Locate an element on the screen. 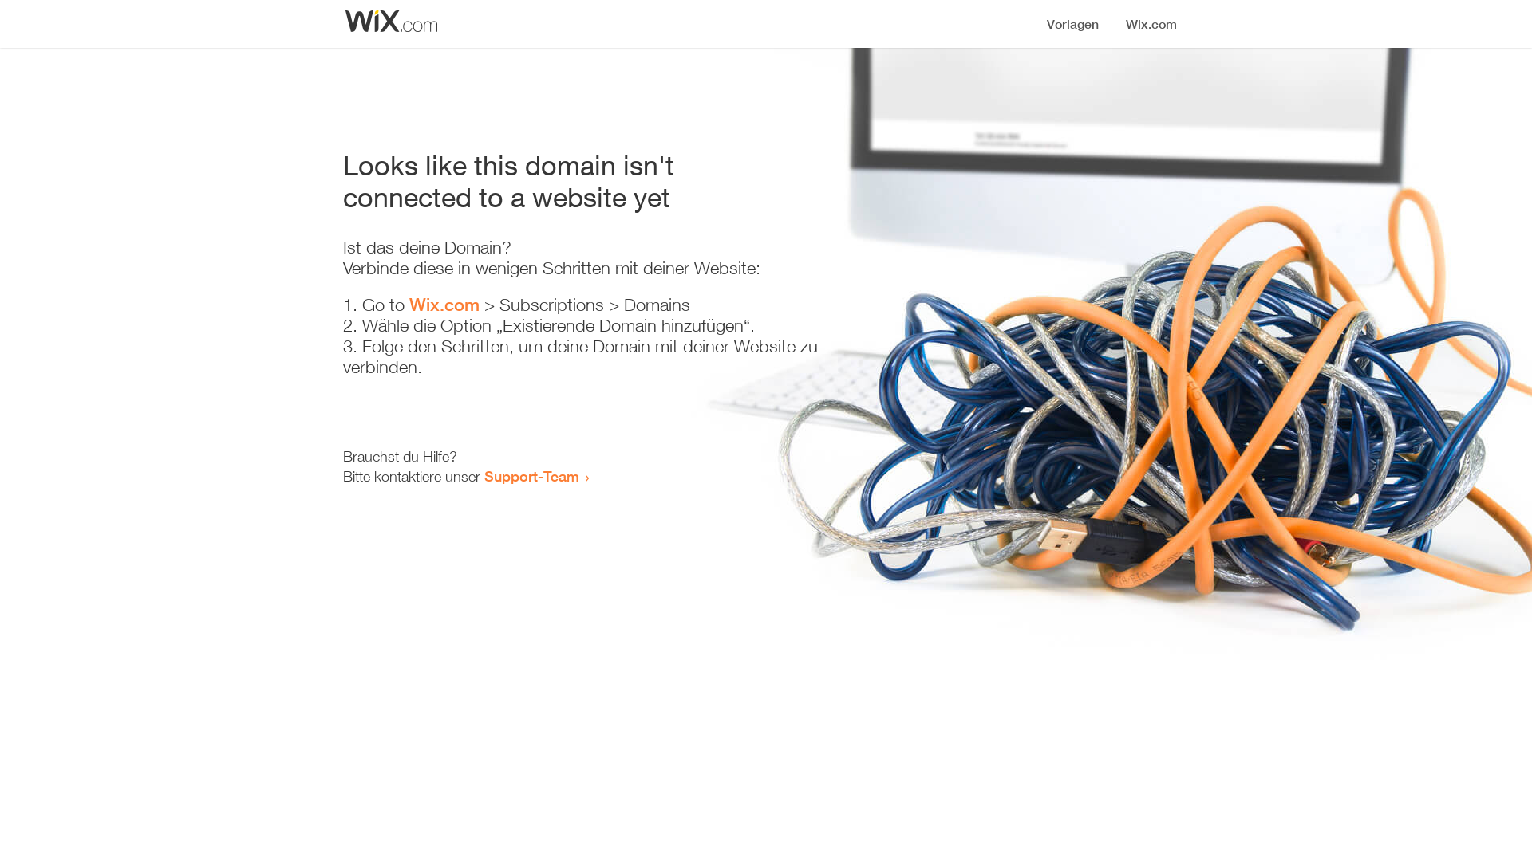  'Wix.com' is located at coordinates (444, 304).